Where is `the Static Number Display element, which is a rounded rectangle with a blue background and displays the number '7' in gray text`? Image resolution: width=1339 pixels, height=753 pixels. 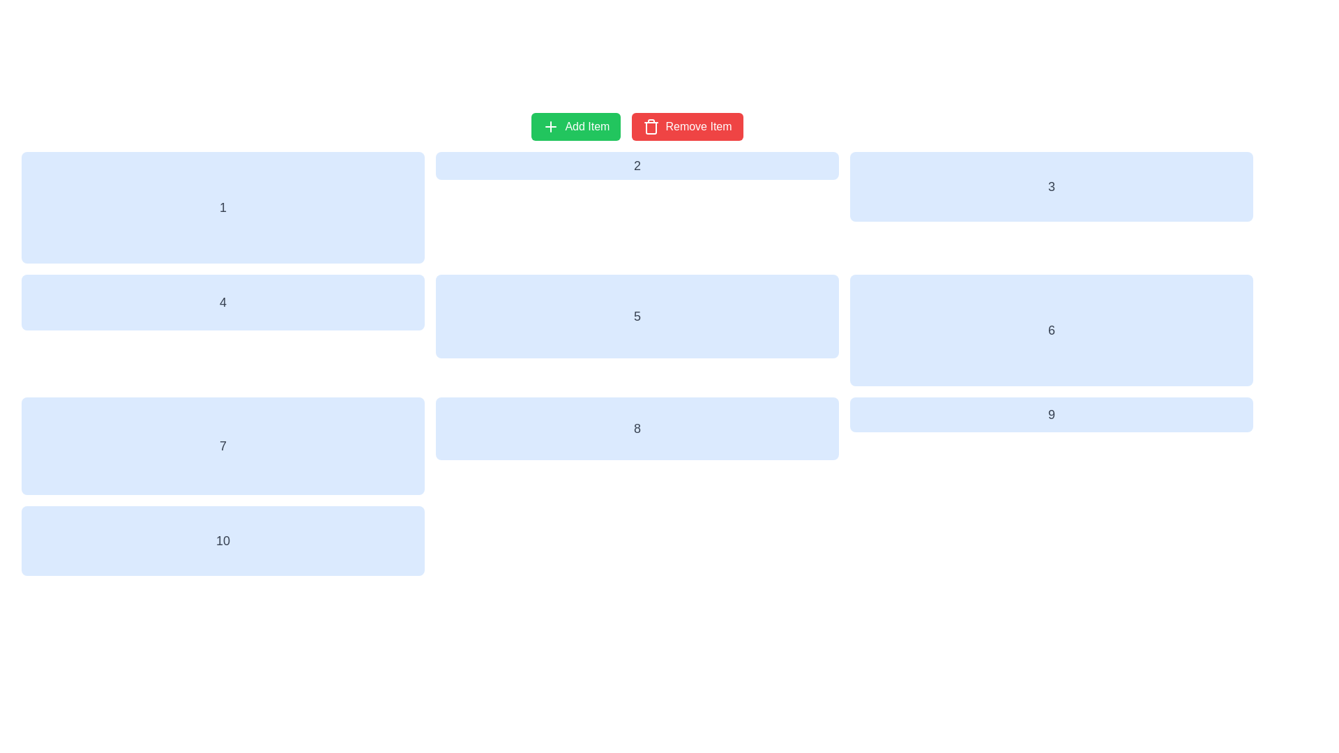 the Static Number Display element, which is a rounded rectangle with a blue background and displays the number '7' in gray text is located at coordinates (223, 446).